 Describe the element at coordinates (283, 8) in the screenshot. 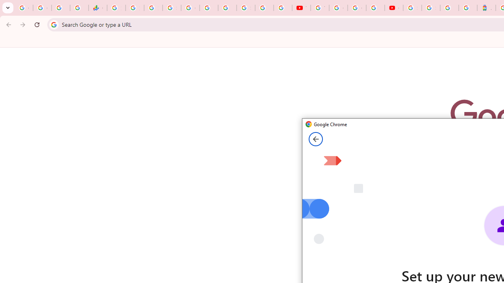

I see `'Privacy Checkup'` at that location.